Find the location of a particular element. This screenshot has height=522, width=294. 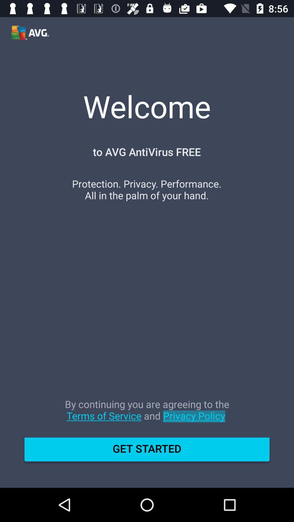

the item below the protection privacy performance item is located at coordinates (147, 415).